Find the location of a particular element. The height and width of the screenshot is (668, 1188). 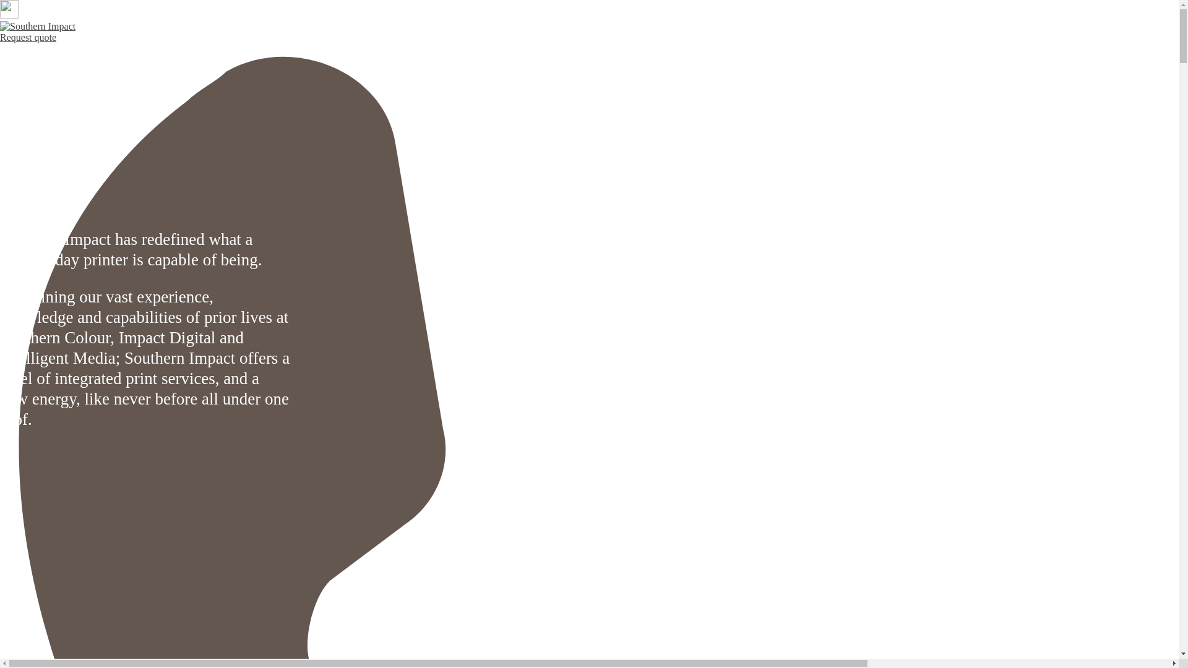

'Request quote' is located at coordinates (28, 36).